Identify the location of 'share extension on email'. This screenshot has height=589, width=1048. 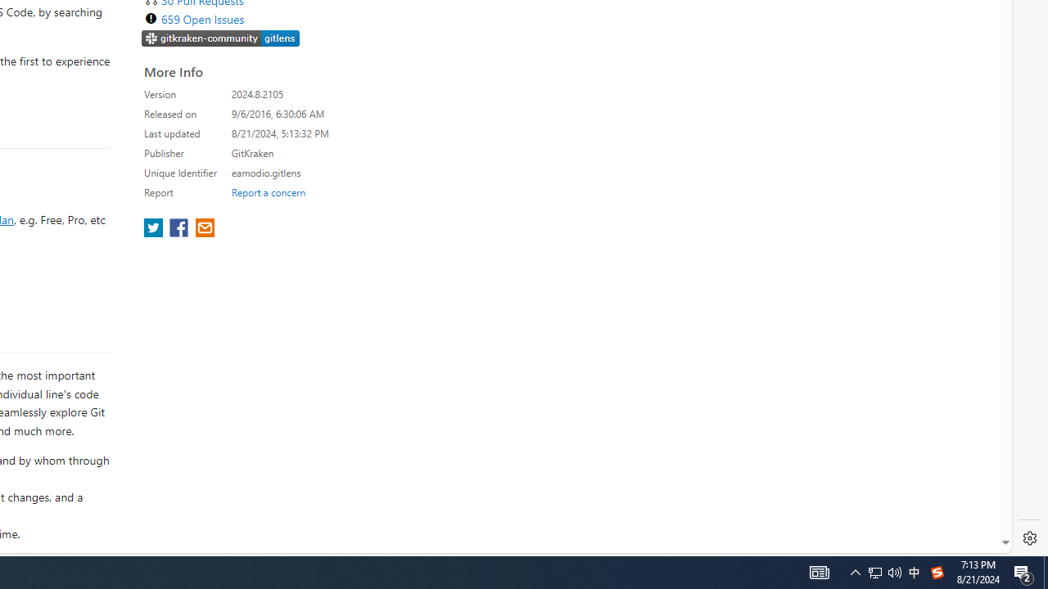
(203, 229).